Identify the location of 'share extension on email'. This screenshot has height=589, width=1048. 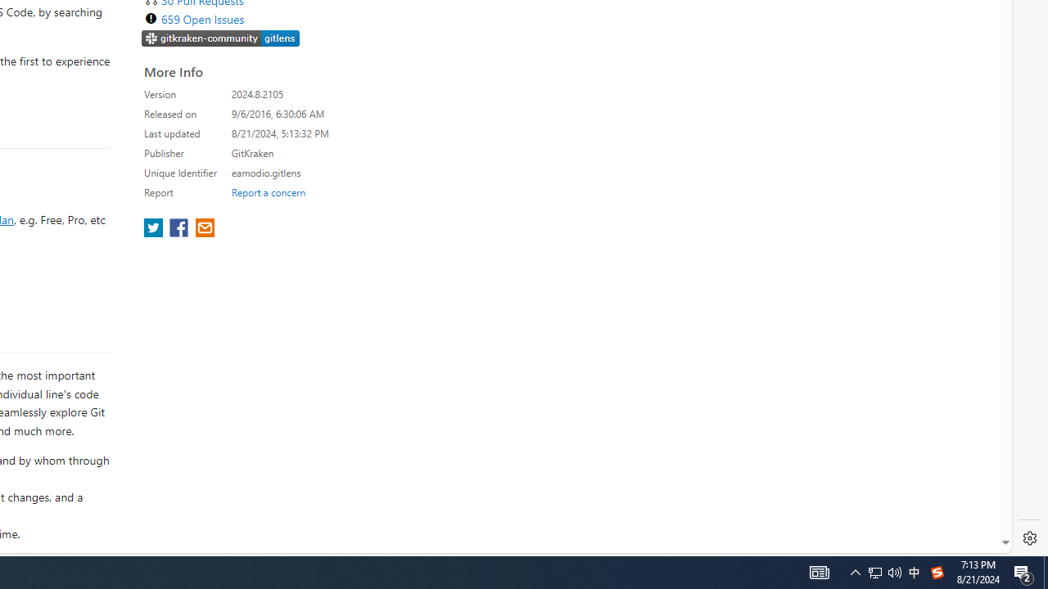
(203, 229).